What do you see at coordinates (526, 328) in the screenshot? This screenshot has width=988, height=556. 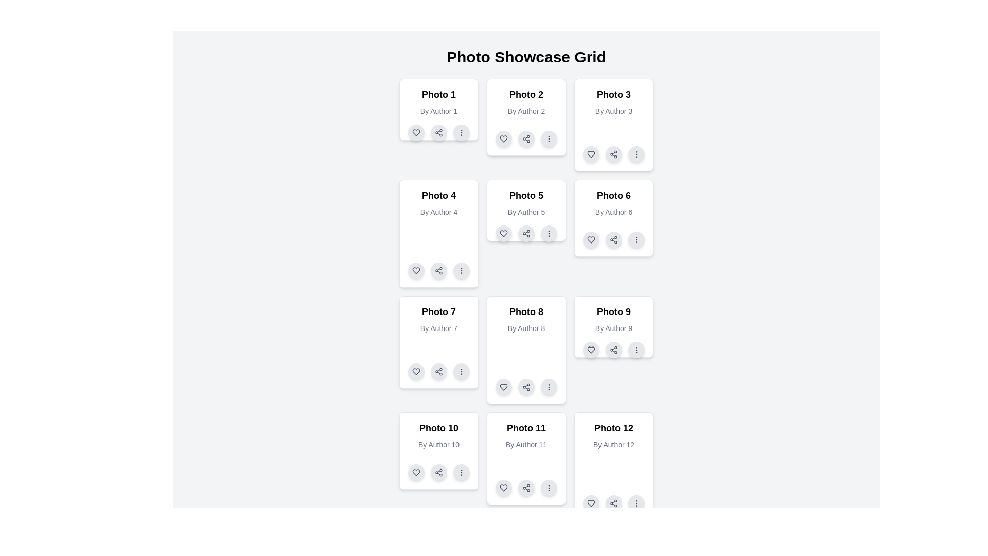 I see `the author label in the 'Photo 8' card, located beneath the main title and above the interactive buttons` at bounding box center [526, 328].